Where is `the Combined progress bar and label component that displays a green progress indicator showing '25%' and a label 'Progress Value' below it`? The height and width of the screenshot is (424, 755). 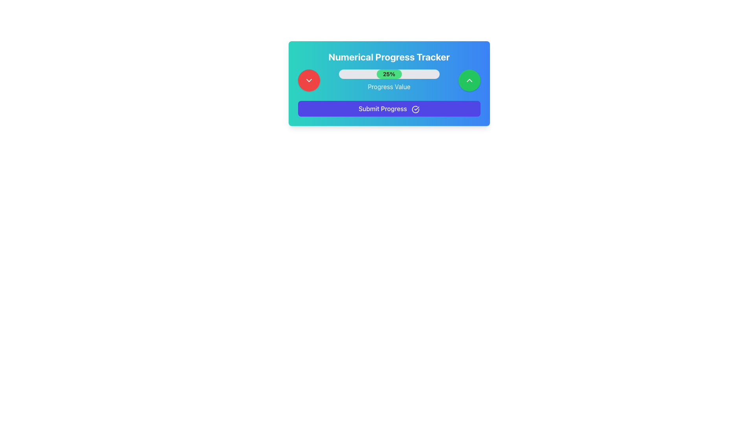
the Combined progress bar and label component that displays a green progress indicator showing '25%' and a label 'Progress Value' below it is located at coordinates (389, 80).